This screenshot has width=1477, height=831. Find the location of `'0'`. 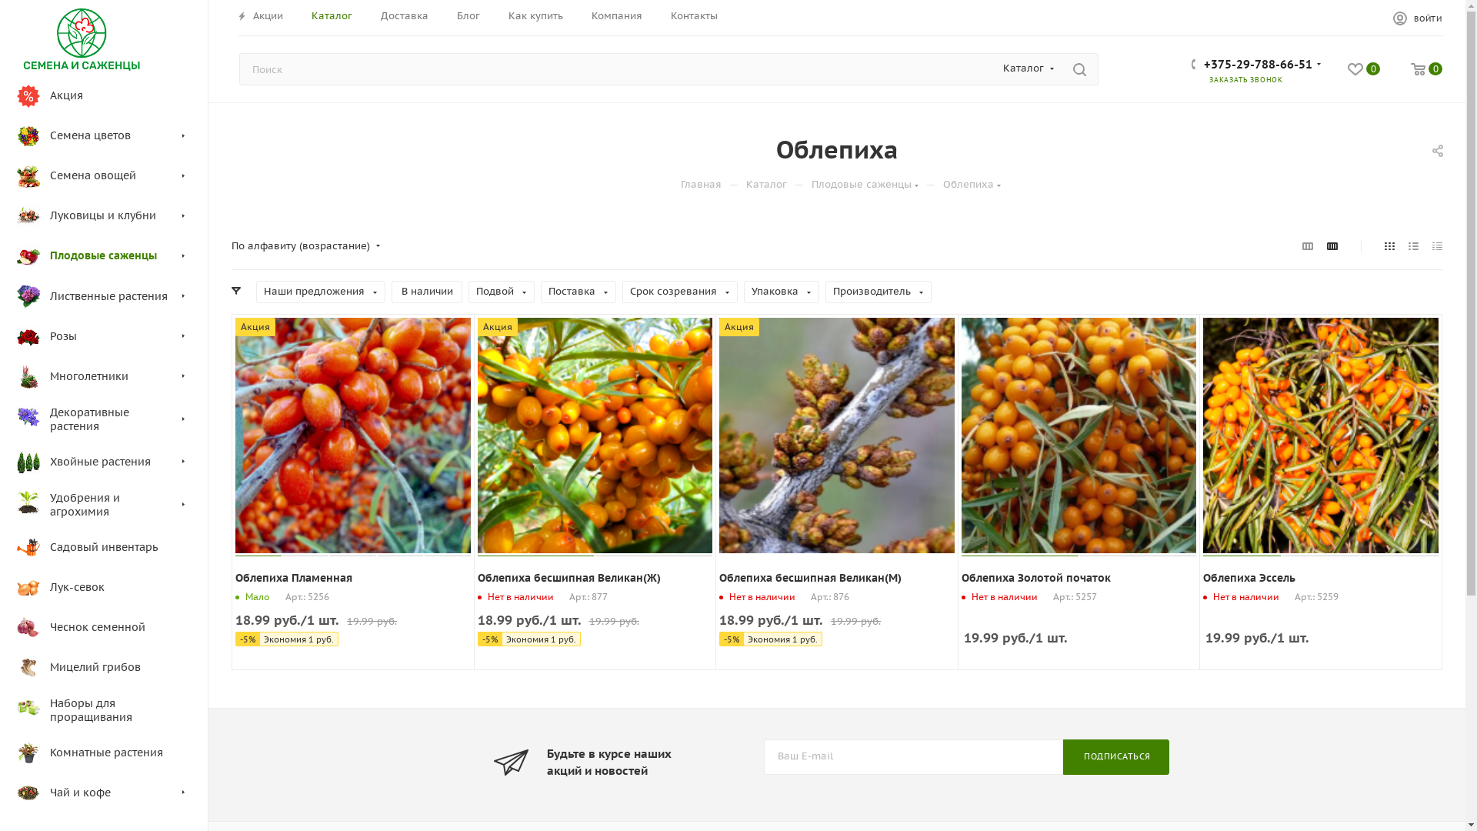

'0' is located at coordinates (1363, 71).